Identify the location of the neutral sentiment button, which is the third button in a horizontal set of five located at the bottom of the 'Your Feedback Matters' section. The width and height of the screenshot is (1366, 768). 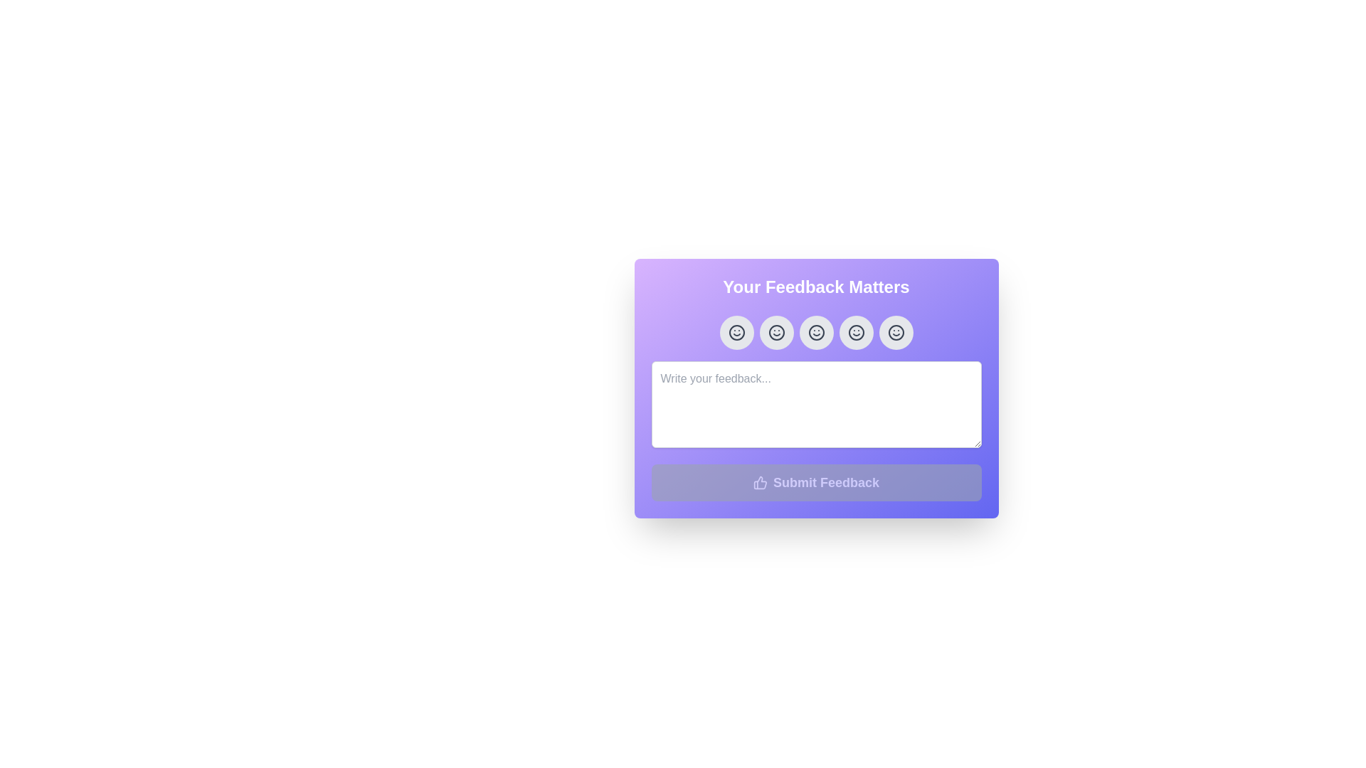
(816, 332).